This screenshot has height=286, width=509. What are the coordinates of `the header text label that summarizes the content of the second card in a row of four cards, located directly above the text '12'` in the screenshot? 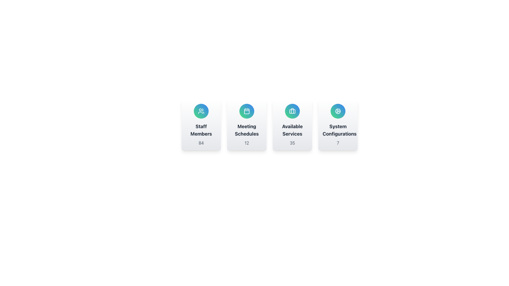 It's located at (247, 130).